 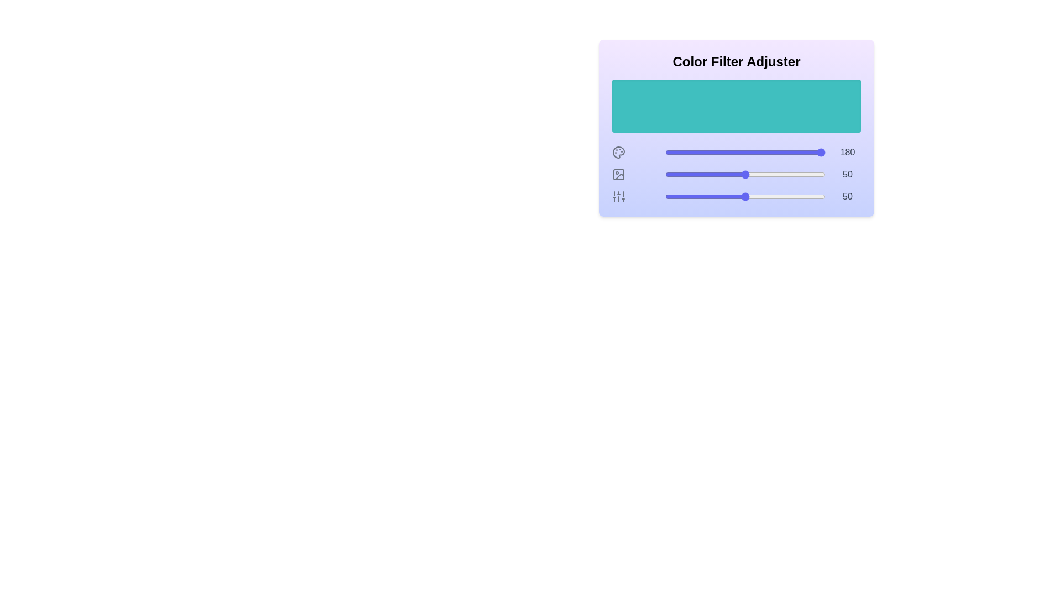 What do you see at coordinates (786, 153) in the screenshot?
I see `the 0 slider to 76 to observe the color preview area` at bounding box center [786, 153].